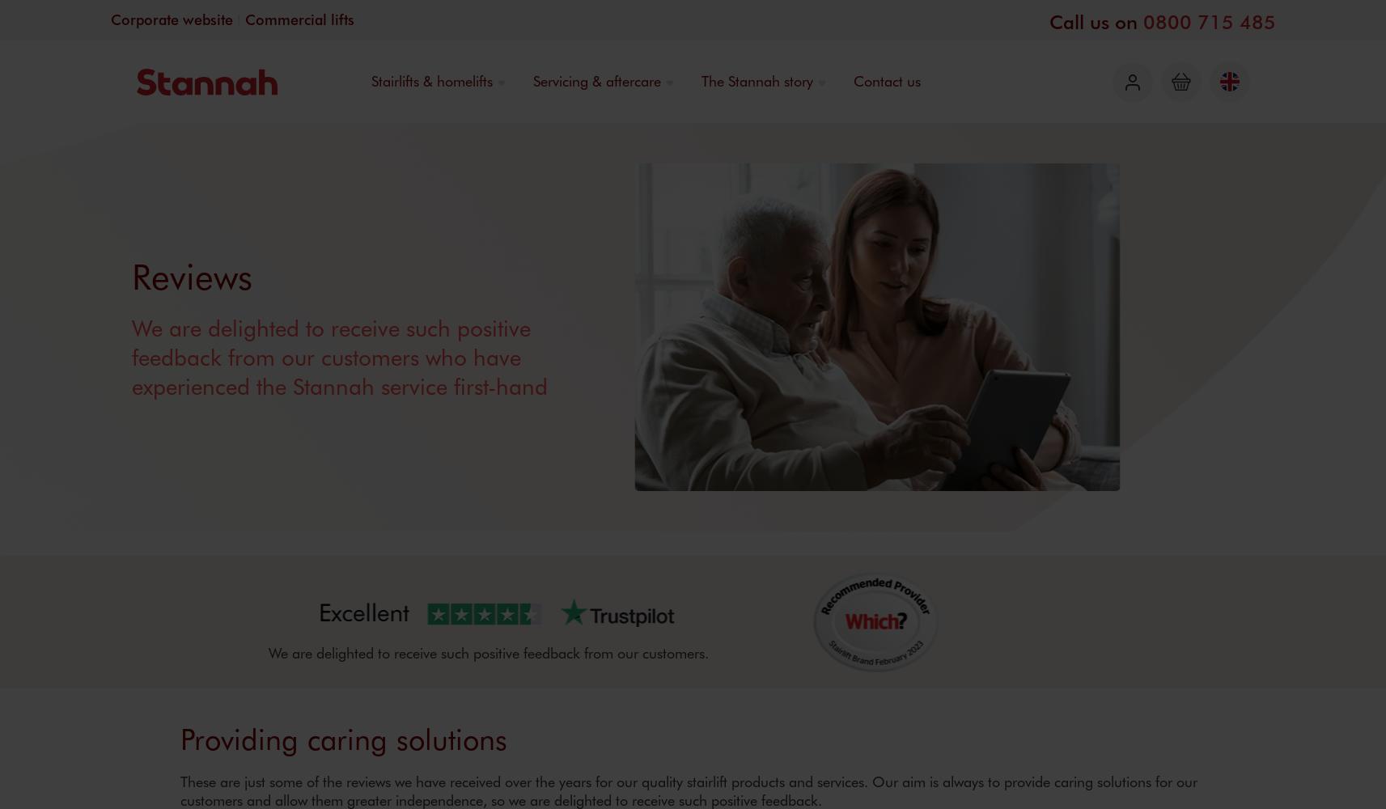  What do you see at coordinates (1092, 21) in the screenshot?
I see `'Call us on'` at bounding box center [1092, 21].